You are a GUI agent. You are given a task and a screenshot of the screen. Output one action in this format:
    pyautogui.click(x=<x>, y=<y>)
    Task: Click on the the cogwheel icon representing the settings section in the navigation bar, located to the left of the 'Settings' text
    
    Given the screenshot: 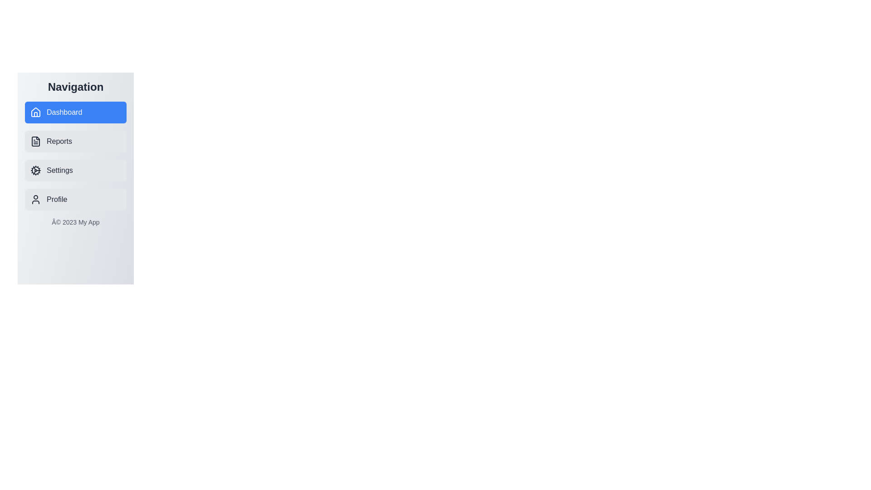 What is the action you would take?
    pyautogui.click(x=35, y=170)
    